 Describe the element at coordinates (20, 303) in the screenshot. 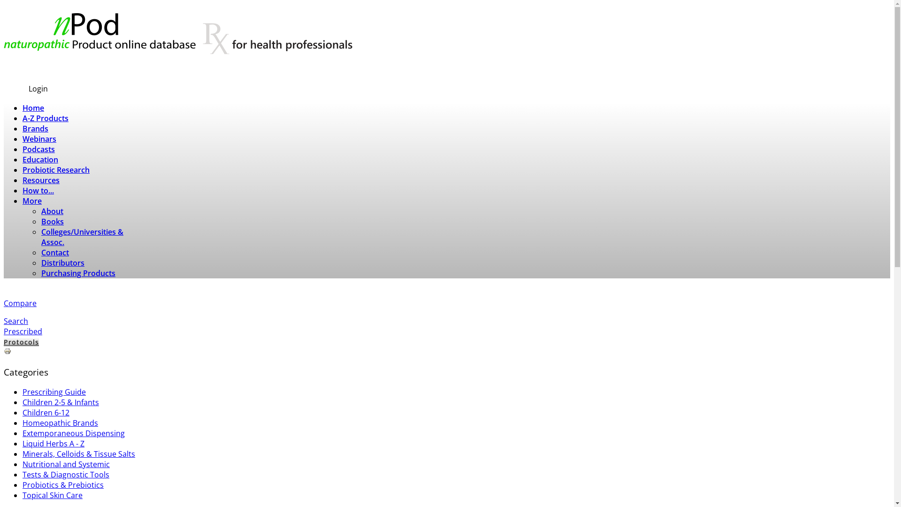

I see `'Compare'` at that location.